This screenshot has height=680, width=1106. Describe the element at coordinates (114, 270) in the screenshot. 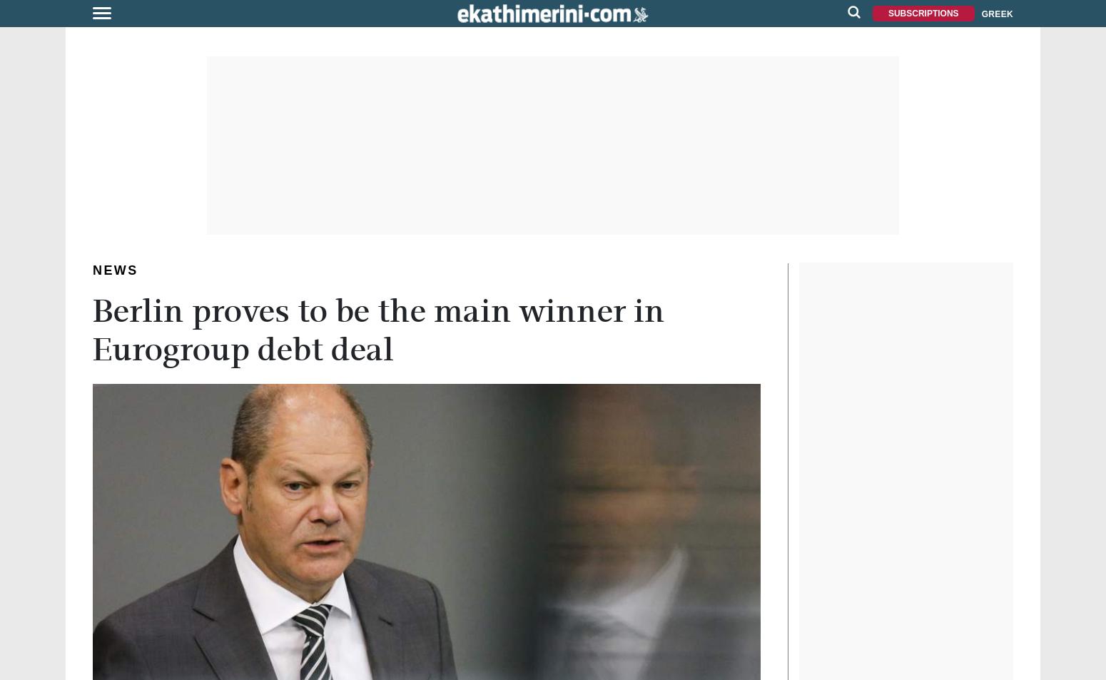

I see `'NEWS'` at that location.